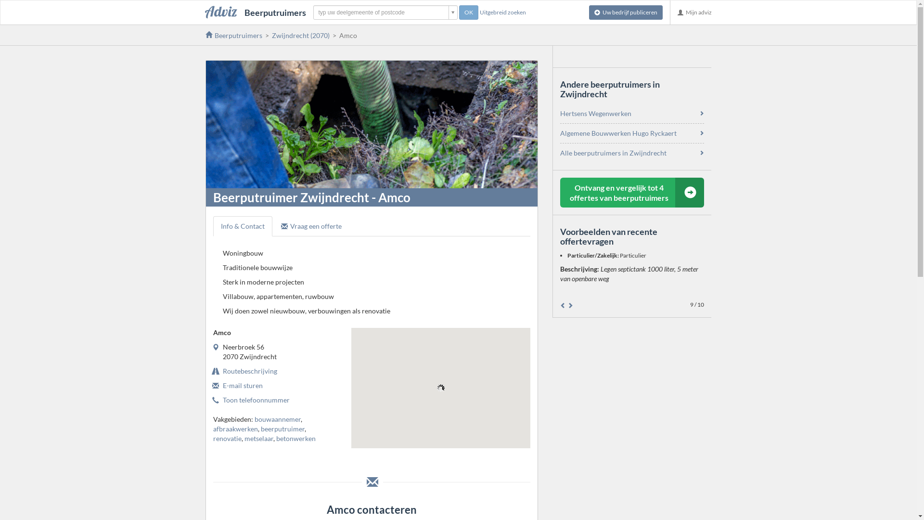 Image resolution: width=924 pixels, height=520 pixels. I want to click on 'Beerputruimers', so click(233, 35).